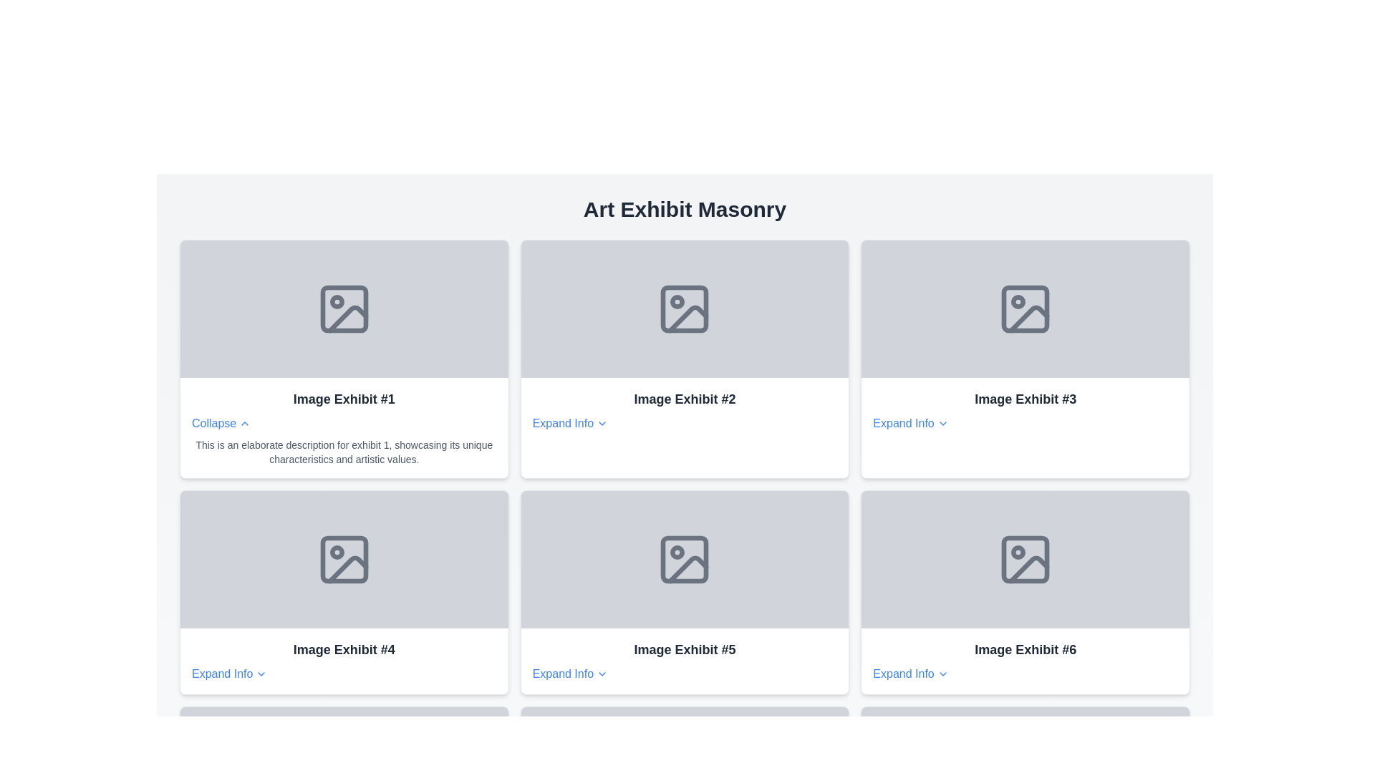  Describe the element at coordinates (942, 422) in the screenshot. I see `the downward-facing chevron icon (Chevron Down) next to the 'Expand Info' text` at that location.